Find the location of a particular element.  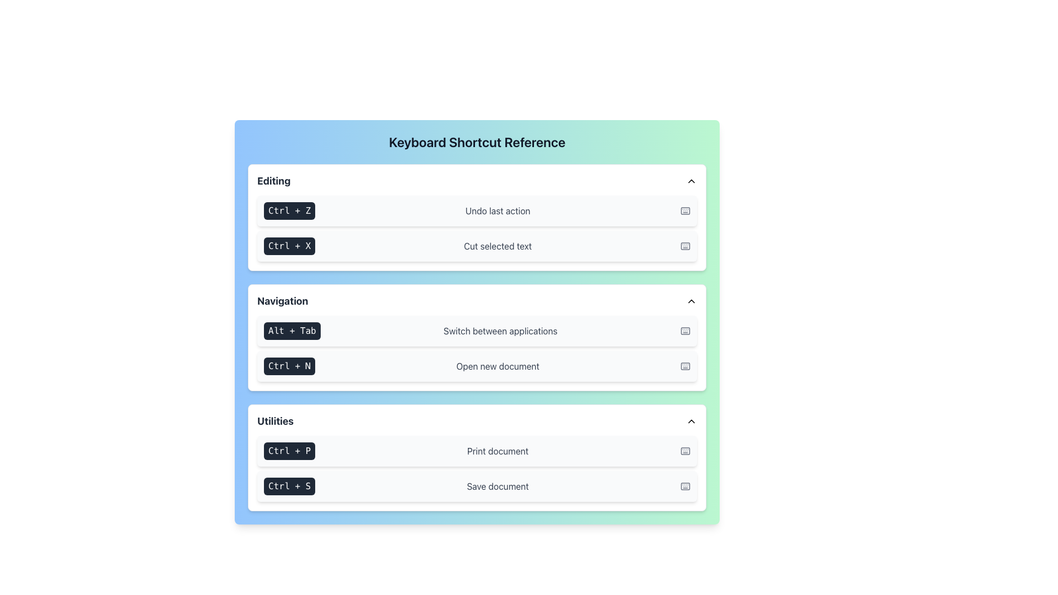

the static text displaying 'Switch between applications', which is positioned to the right of the 'Alt + Tab' button in the 'Navigation' section of the interface is located at coordinates (500, 331).